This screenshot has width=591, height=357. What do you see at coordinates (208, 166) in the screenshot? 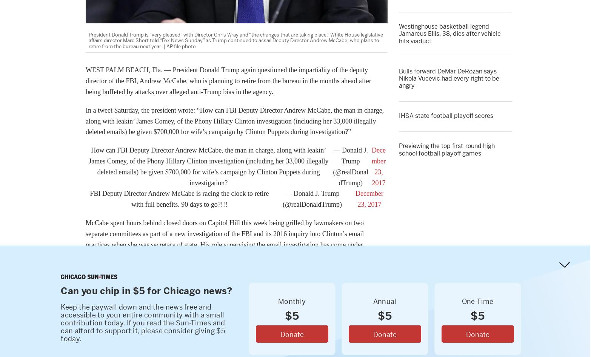
I see `'How can FBI Deputy Director Andrew McCabe, the man in charge, along with leakin’ James Comey, of the Phony Hillary Clinton investigation (including her 33,000 illegally deleted emails) be given $700,000 for wife’s campaign by Clinton Puppets during investigation?'` at bounding box center [208, 166].